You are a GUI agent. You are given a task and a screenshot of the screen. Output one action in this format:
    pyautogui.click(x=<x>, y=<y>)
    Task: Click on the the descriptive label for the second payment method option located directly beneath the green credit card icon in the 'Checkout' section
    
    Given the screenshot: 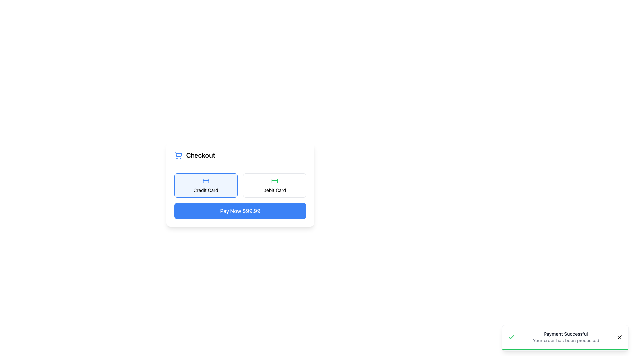 What is the action you would take?
    pyautogui.click(x=274, y=190)
    